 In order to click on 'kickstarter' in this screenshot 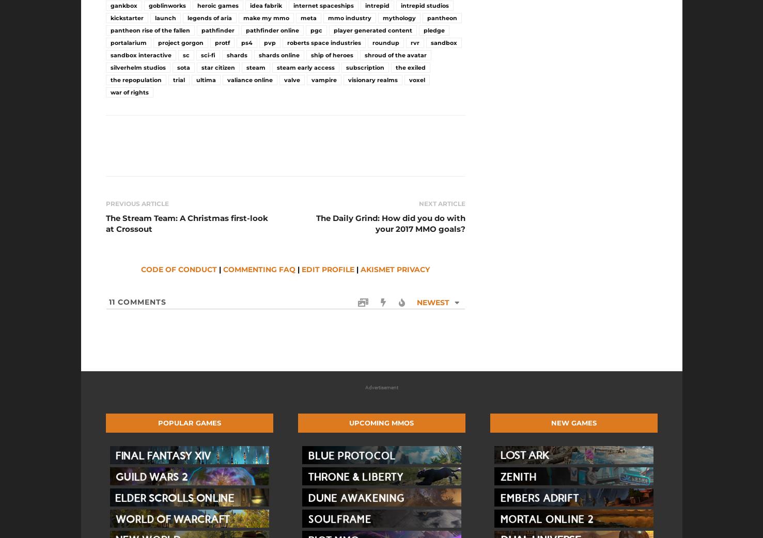, I will do `click(127, 18)`.